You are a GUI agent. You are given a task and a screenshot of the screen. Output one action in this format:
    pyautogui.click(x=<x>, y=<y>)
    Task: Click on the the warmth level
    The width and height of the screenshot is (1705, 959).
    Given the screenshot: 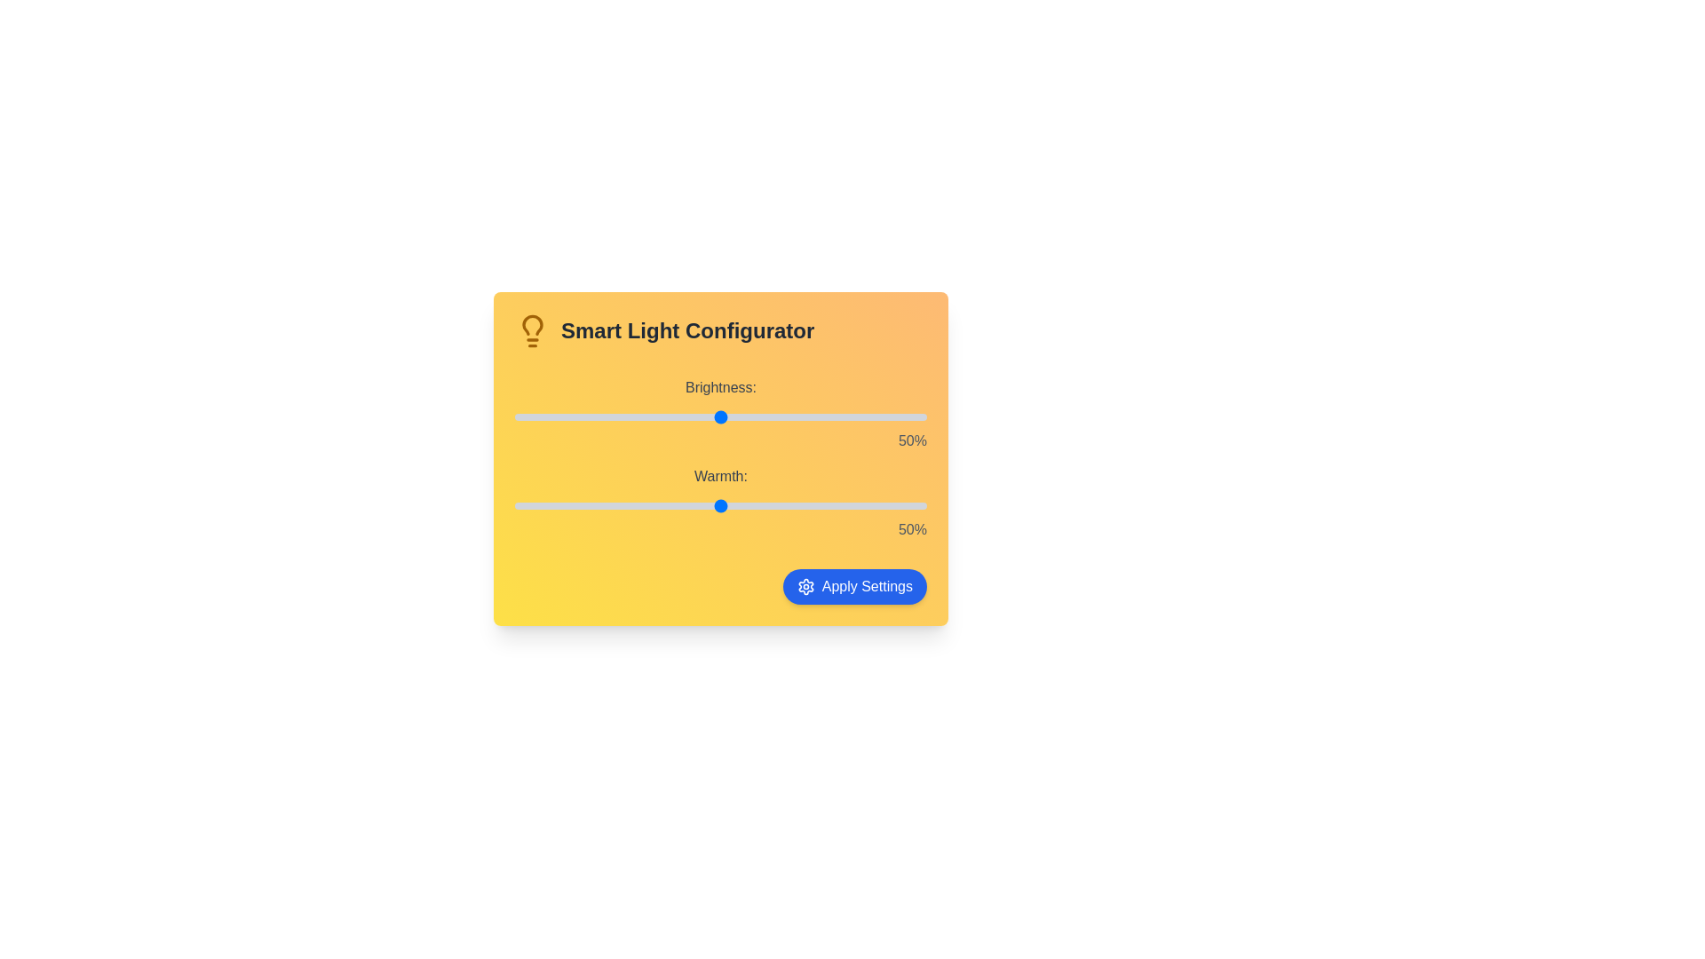 What is the action you would take?
    pyautogui.click(x=674, y=506)
    